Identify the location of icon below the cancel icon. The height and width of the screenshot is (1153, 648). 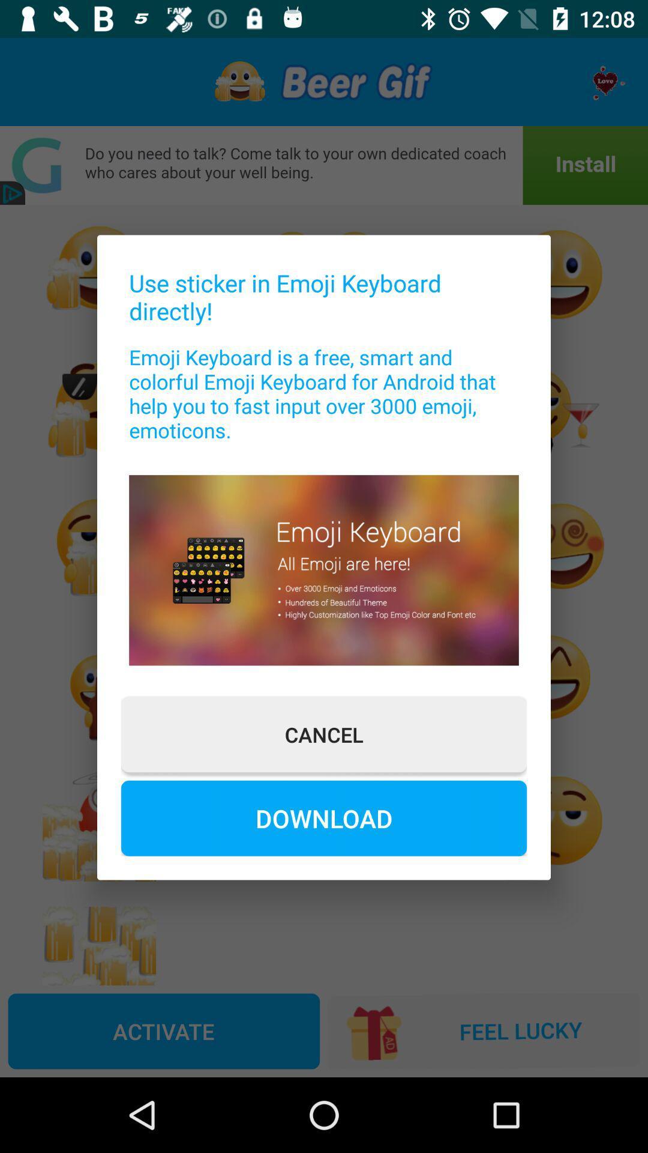
(324, 817).